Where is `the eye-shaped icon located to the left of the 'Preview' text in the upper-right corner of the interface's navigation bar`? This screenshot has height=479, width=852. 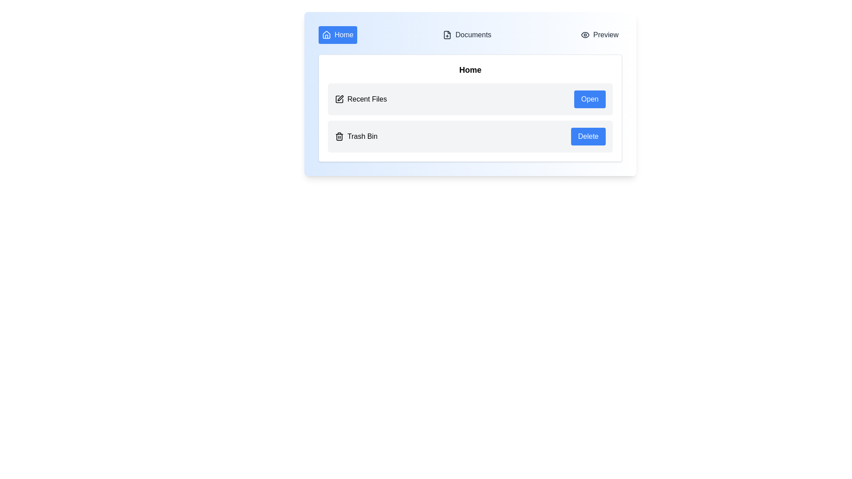
the eye-shaped icon located to the left of the 'Preview' text in the upper-right corner of the interface's navigation bar is located at coordinates (585, 34).